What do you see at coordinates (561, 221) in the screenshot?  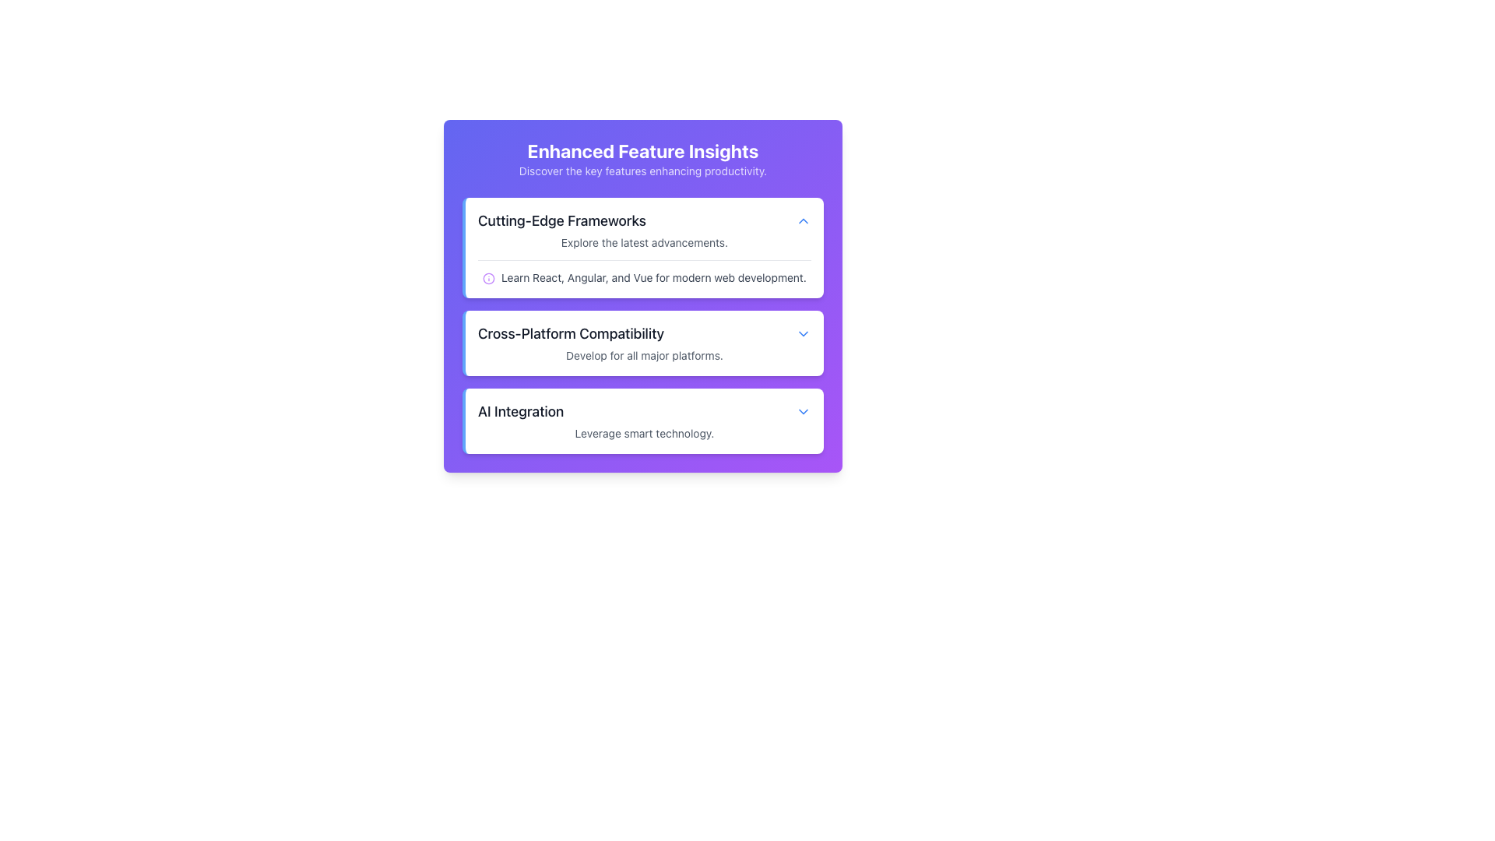 I see `the Text Label that summarizes the 'Cutting-Edge Frameworks' section, which is located at the top of the vertical list inside the 'Enhanced Feature Insights' purple card-like structure` at bounding box center [561, 221].